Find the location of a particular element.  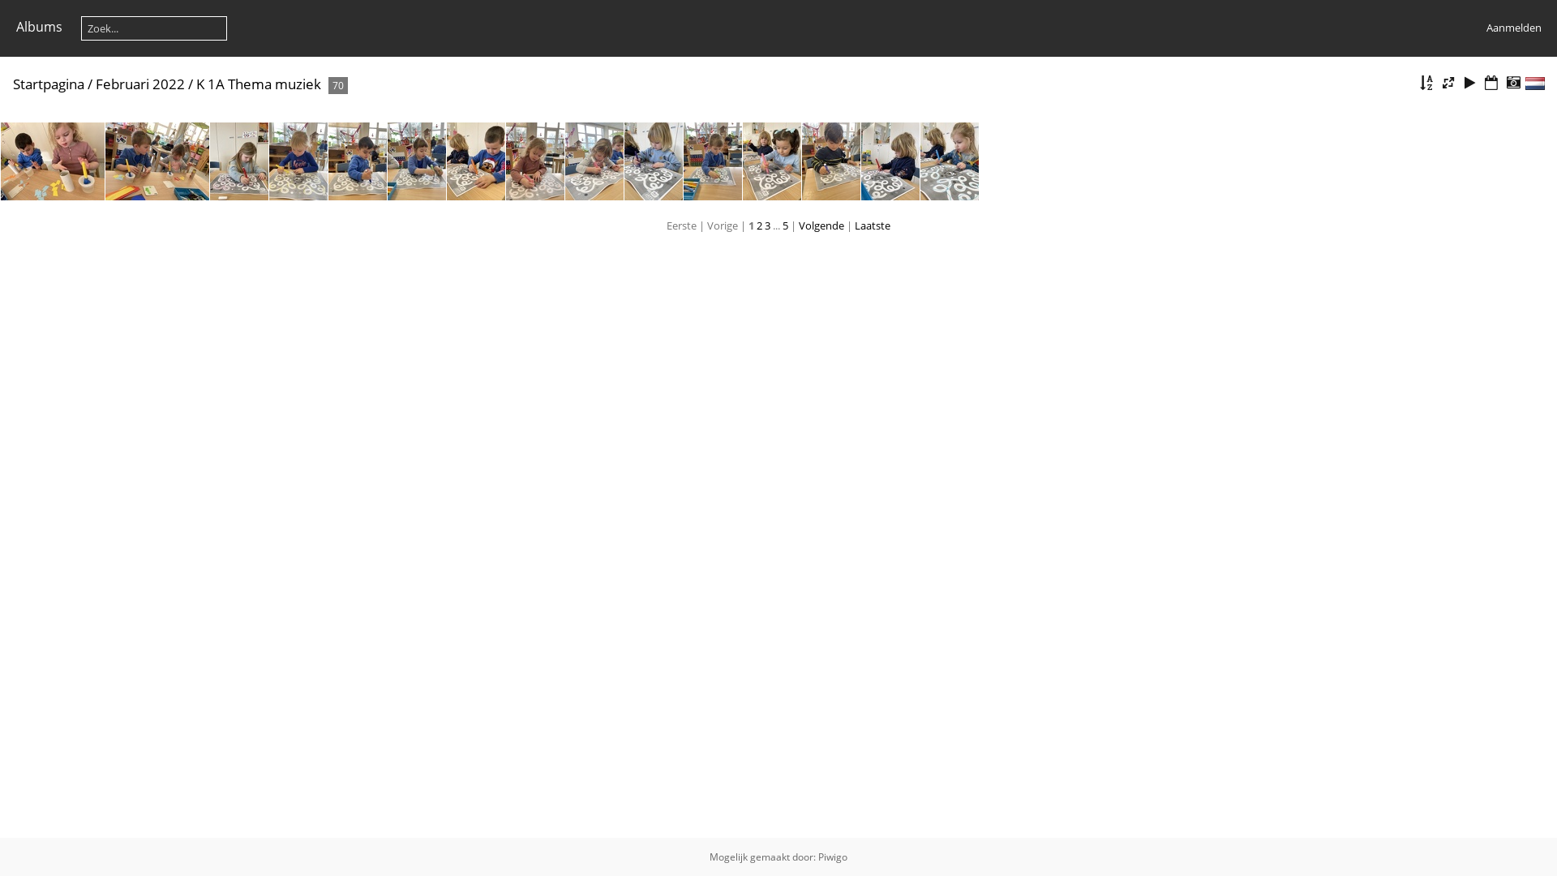

'dia-voorstelling' is located at coordinates (1470, 83).